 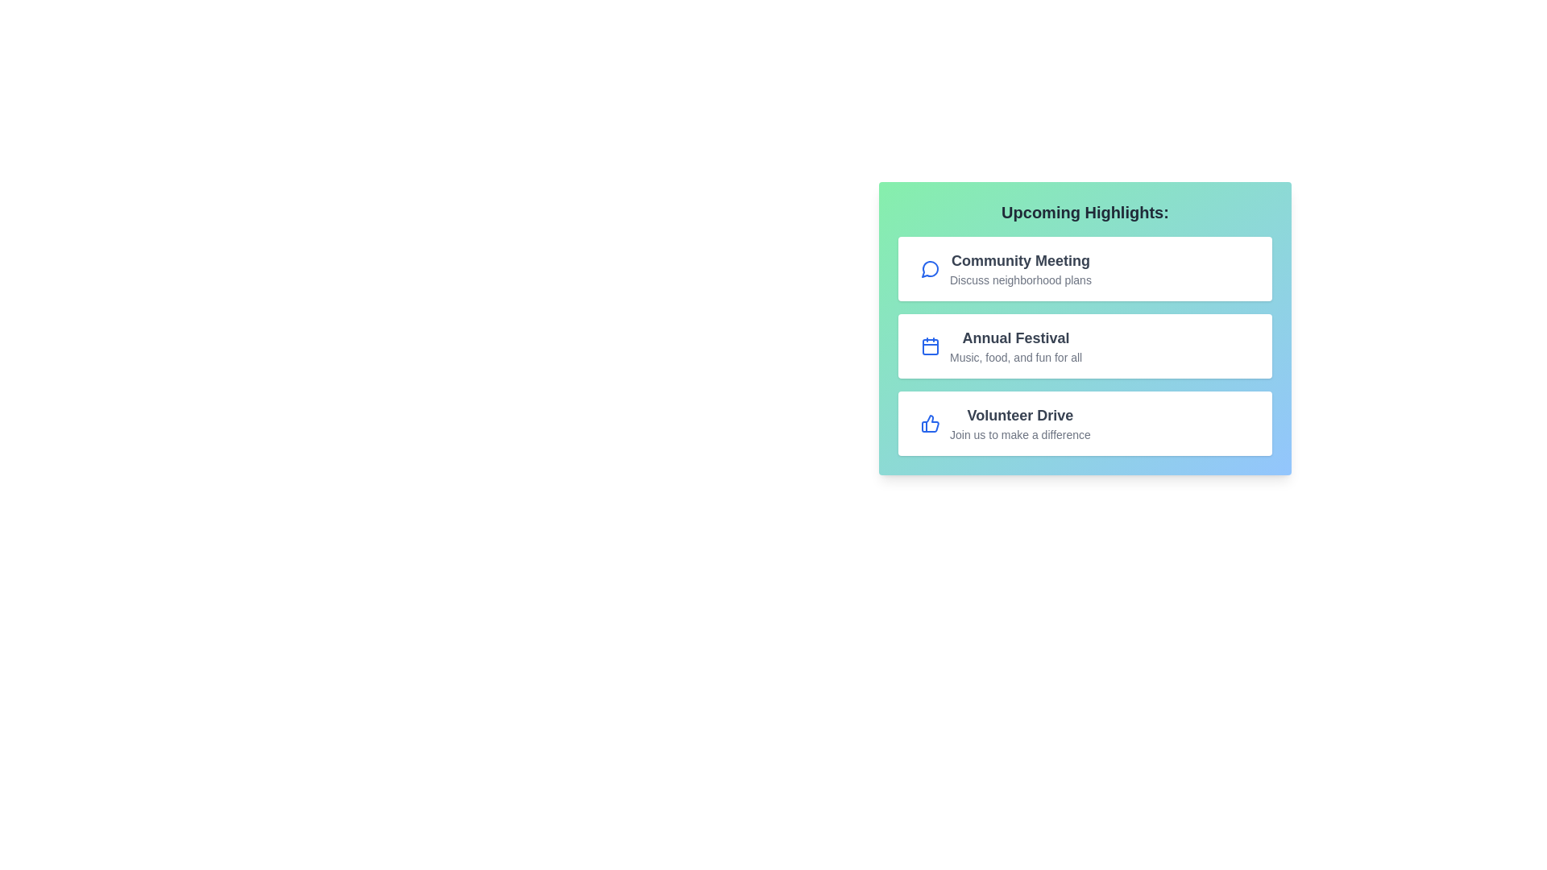 What do you see at coordinates (931, 345) in the screenshot?
I see `the icon associated with the Annual Festival event` at bounding box center [931, 345].